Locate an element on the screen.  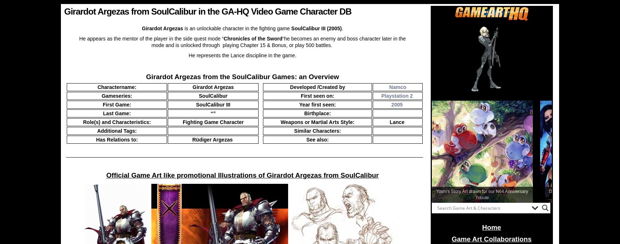
'Birthplace:' is located at coordinates (317, 113).